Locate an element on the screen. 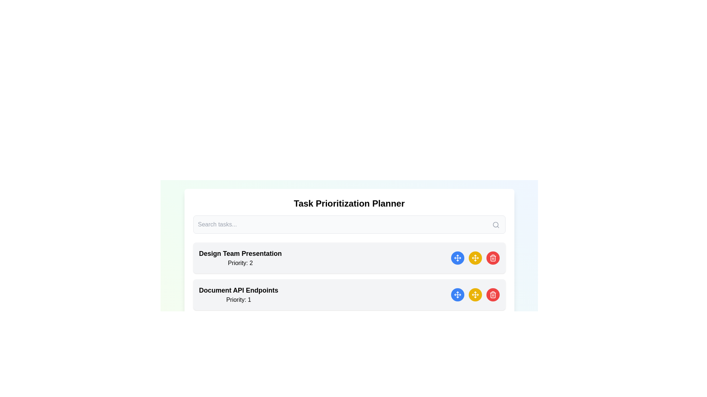  the repositioning button located in the lower row of the grid layout, positioned between a blue button on the left and a red button on the right is located at coordinates (475, 294).